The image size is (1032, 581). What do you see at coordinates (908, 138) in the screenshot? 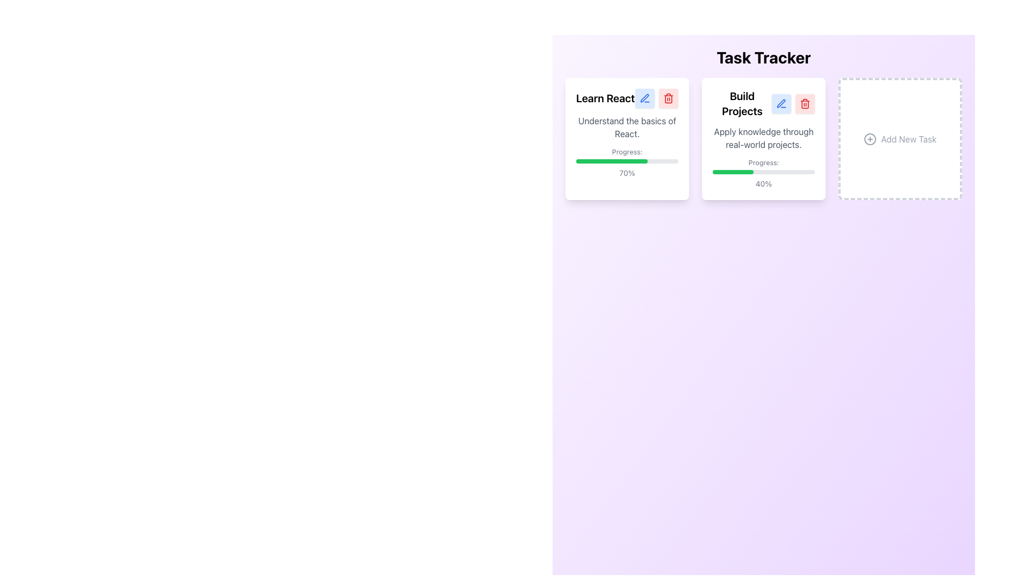
I see `the 'Add New Task' text label, which is styled in gray and located to the right of a circular plus sign icon within a dashed-bordered card` at bounding box center [908, 138].